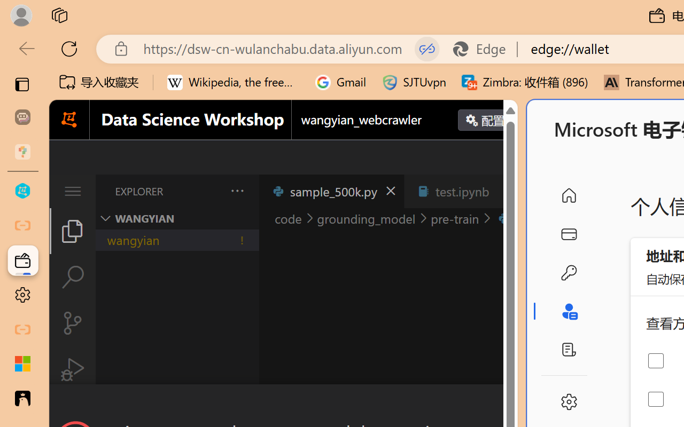 This screenshot has width=684, height=427. Describe the element at coordinates (484, 49) in the screenshot. I see `'Edge'` at that location.